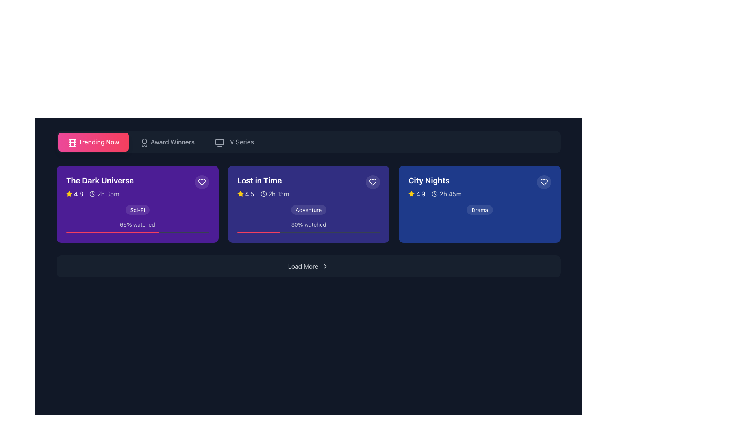 The height and width of the screenshot is (425, 756). What do you see at coordinates (137, 227) in the screenshot?
I see `the progress bar of the movie 'The Dark Universe' to update the viewing progress` at bounding box center [137, 227].